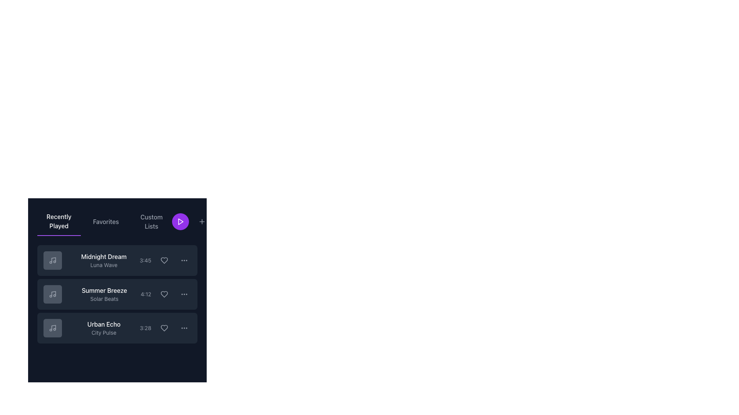 This screenshot has height=415, width=739. Describe the element at coordinates (105, 222) in the screenshot. I see `the 'Favorites' button in the horizontal navigation menu` at that location.